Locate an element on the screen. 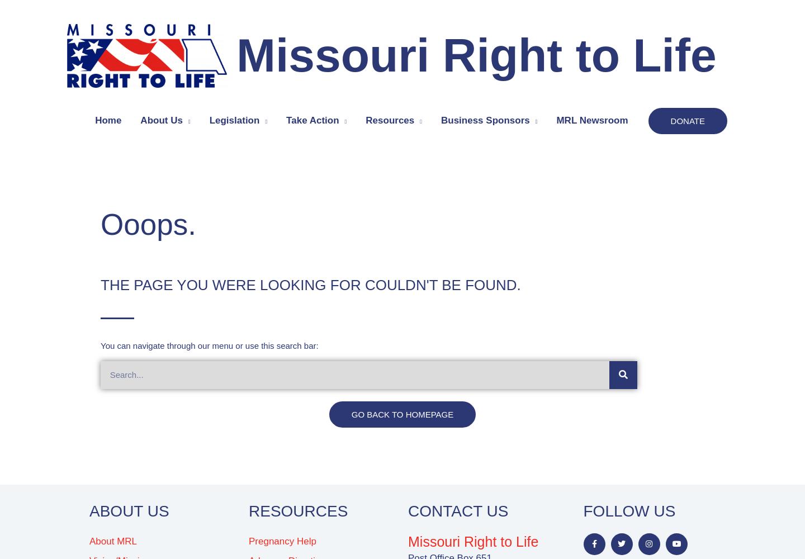 The image size is (805, 559). 'Go Back to Homepage' is located at coordinates (350, 413).